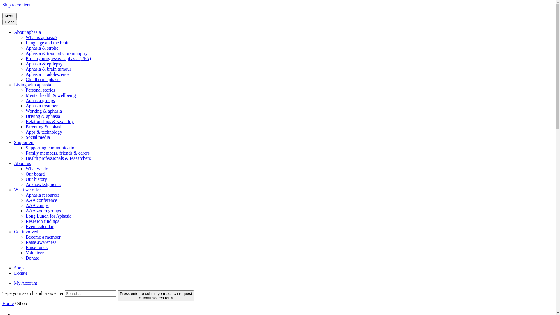  I want to click on 'Aphasia & epilepsy', so click(25, 64).